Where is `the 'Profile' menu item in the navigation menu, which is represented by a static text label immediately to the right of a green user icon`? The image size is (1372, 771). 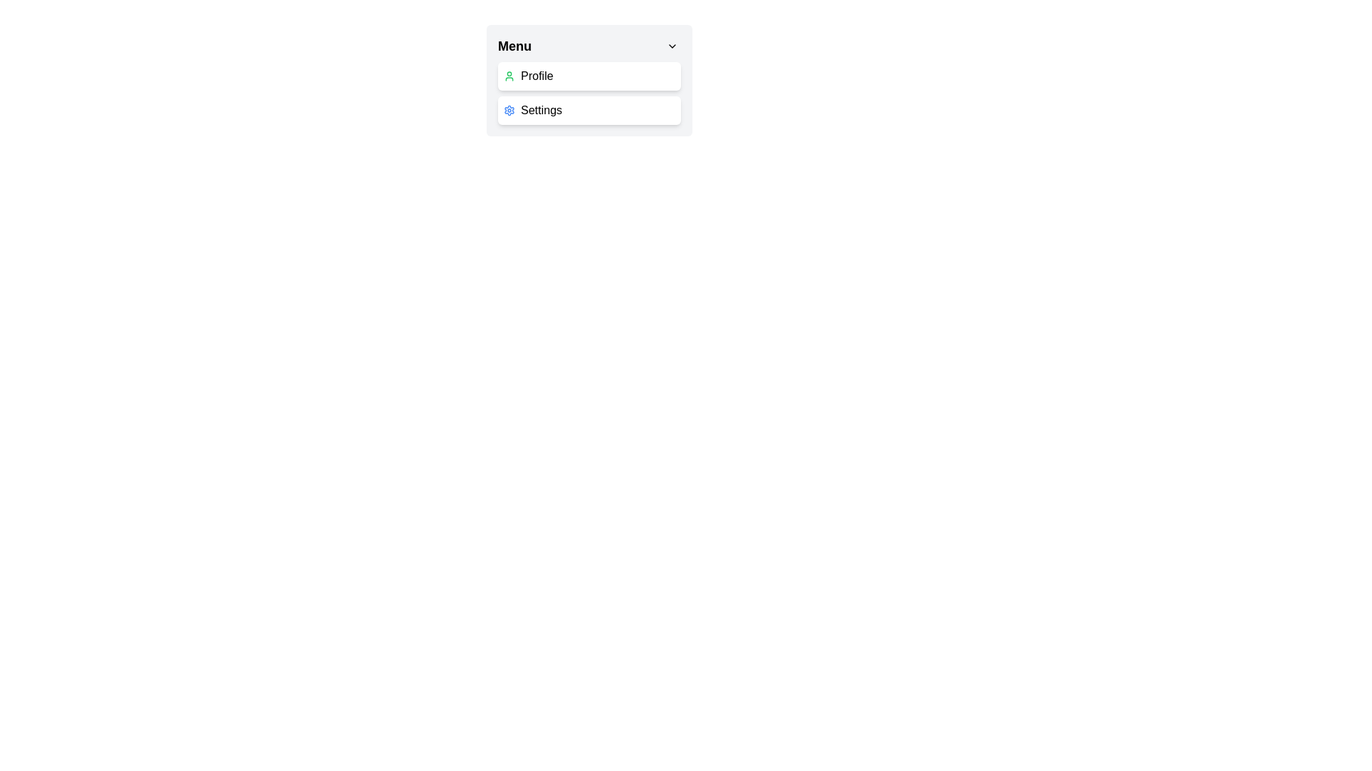 the 'Profile' menu item in the navigation menu, which is represented by a static text label immediately to the right of a green user icon is located at coordinates (536, 76).